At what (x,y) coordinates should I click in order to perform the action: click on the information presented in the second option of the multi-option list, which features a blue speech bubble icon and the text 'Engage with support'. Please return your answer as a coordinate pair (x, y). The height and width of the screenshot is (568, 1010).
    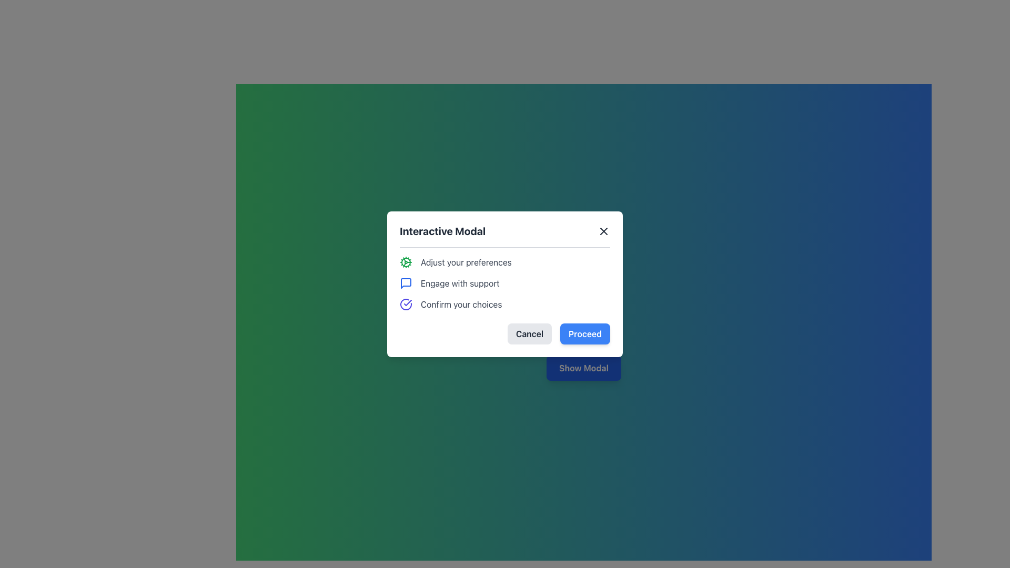
    Looking at the image, I should click on (505, 282).